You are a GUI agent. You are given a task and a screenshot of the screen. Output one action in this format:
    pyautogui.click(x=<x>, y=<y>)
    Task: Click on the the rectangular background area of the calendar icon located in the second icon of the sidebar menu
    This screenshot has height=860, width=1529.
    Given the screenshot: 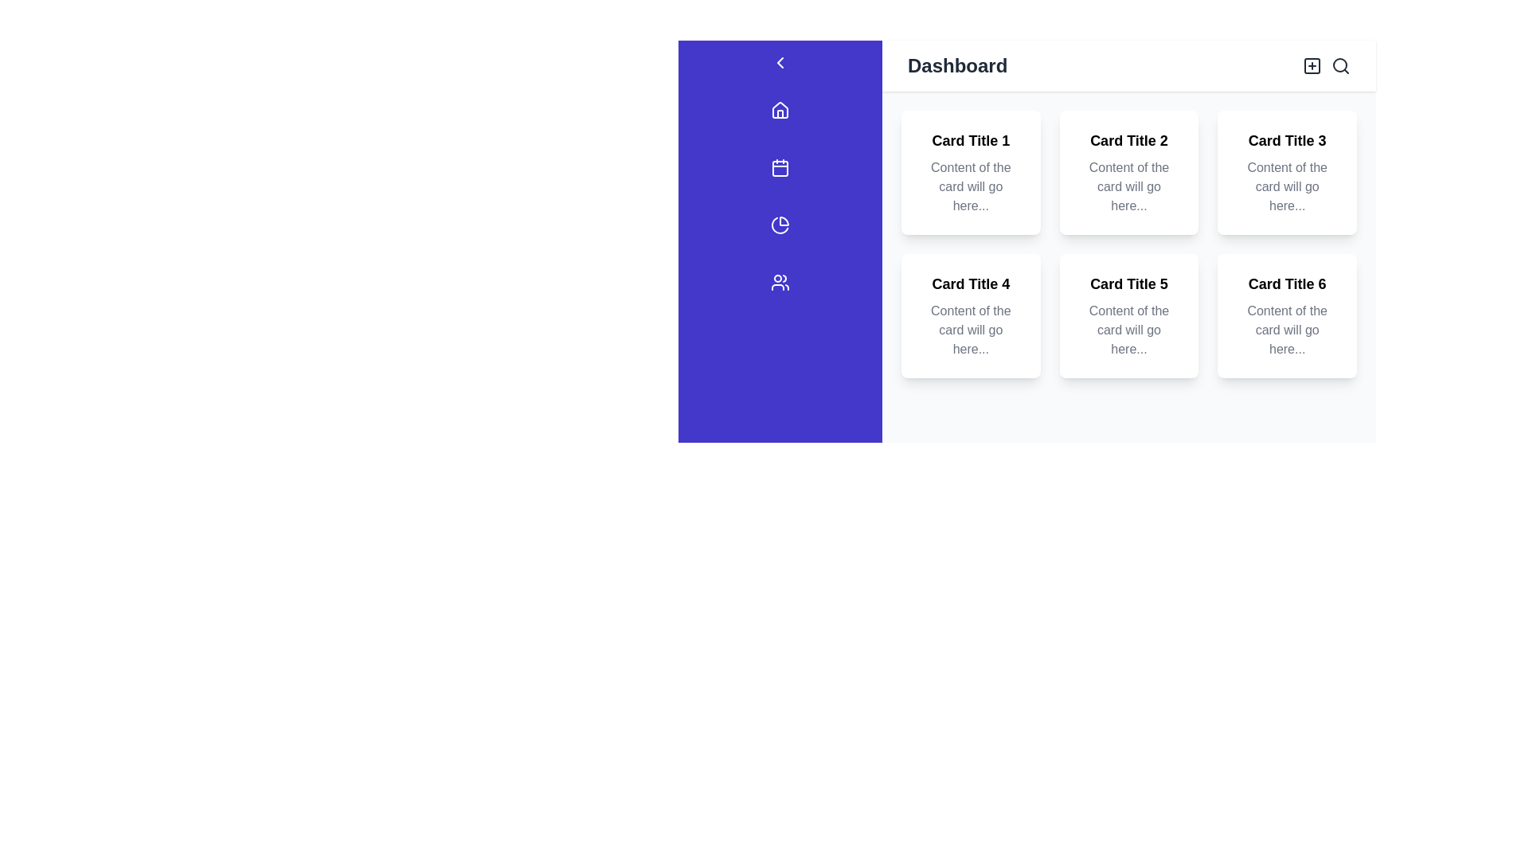 What is the action you would take?
    pyautogui.click(x=780, y=169)
    